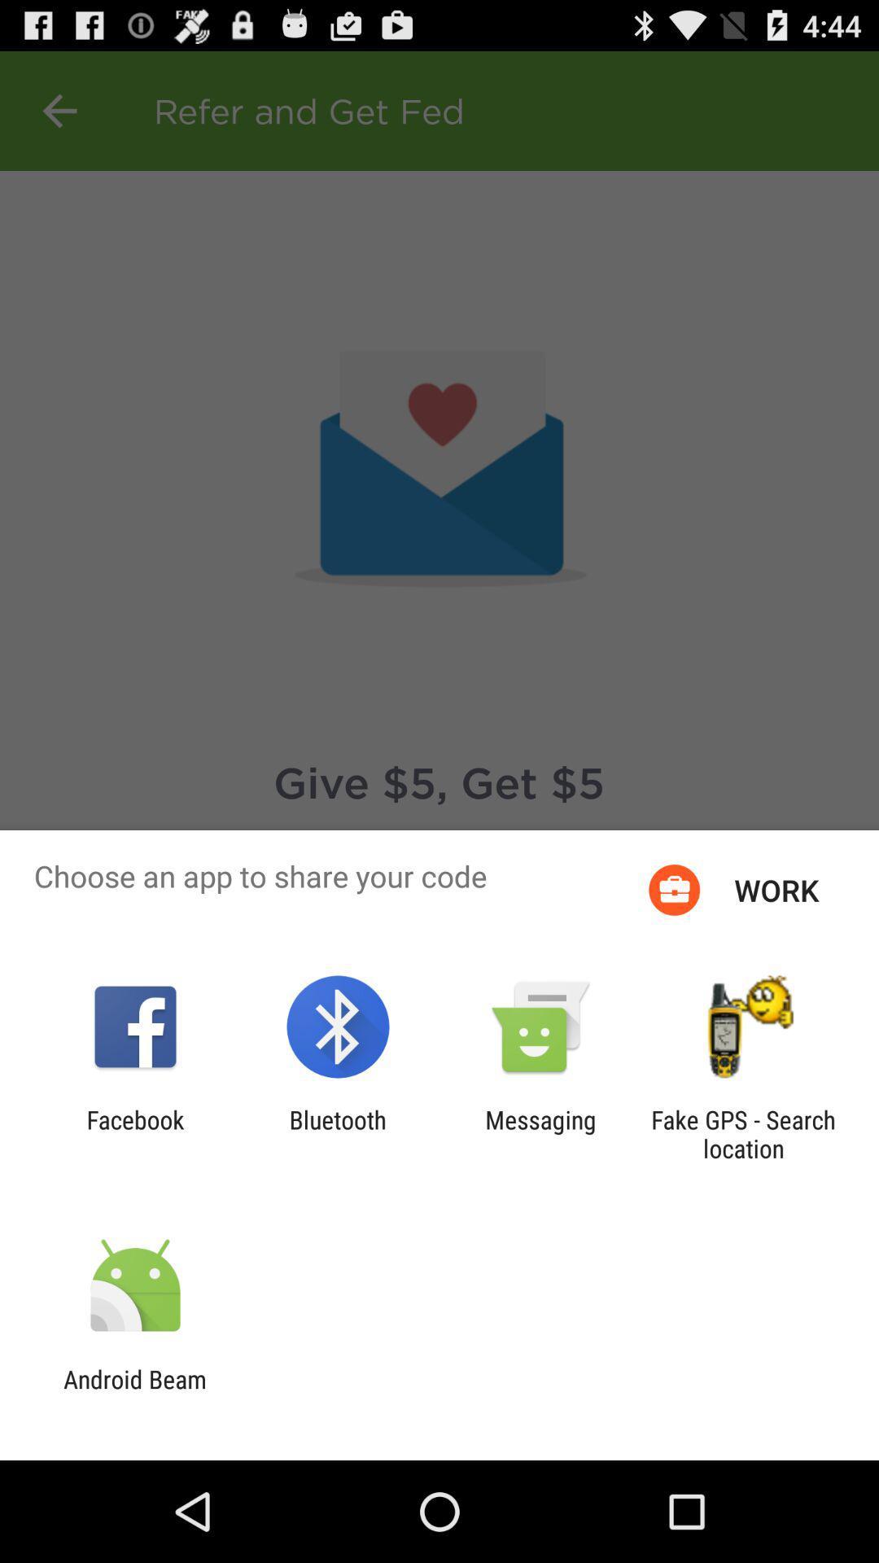  What do you see at coordinates (540, 1133) in the screenshot?
I see `item next to fake gps search app` at bounding box center [540, 1133].